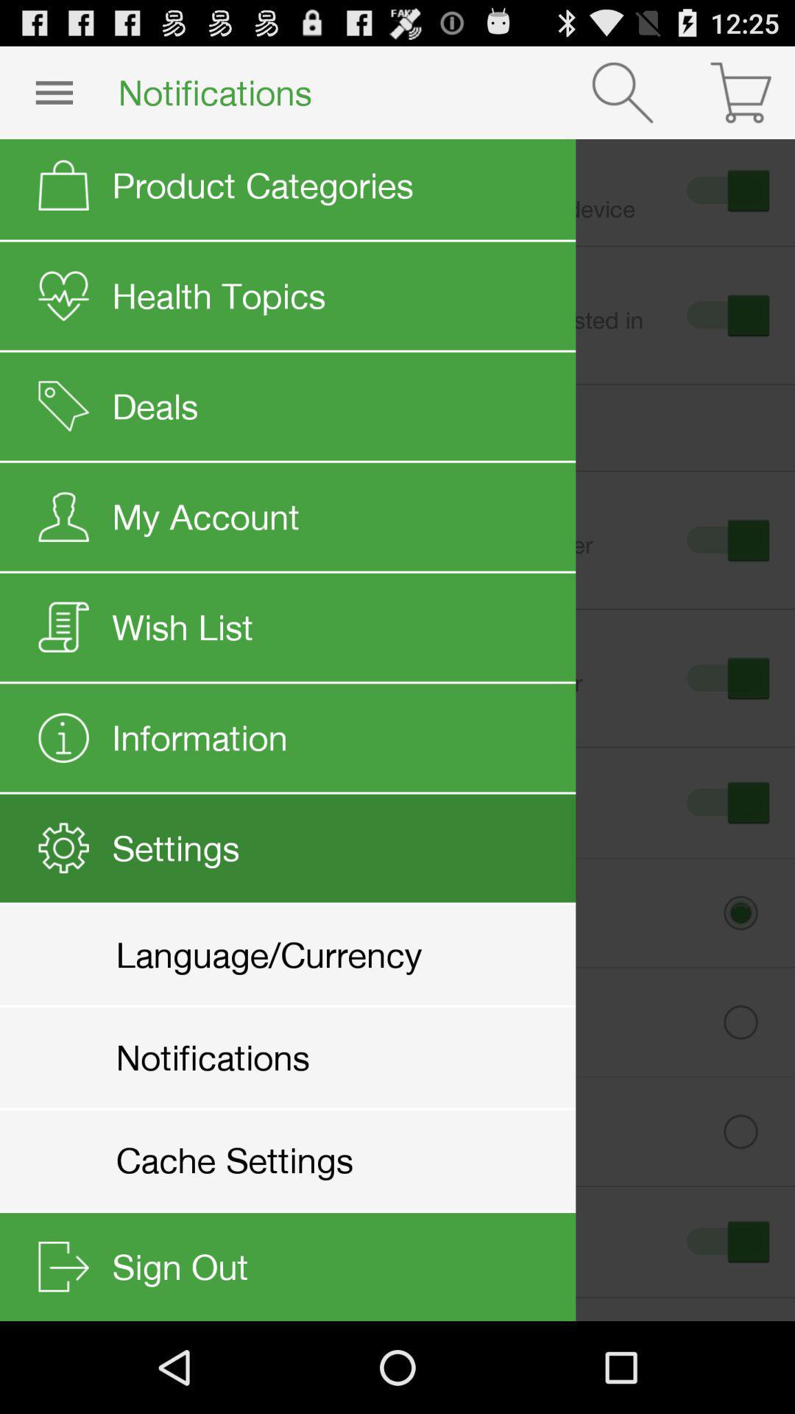 This screenshot has height=1414, width=795. Describe the element at coordinates (725, 314) in the screenshot. I see `the switch button below the 1st switch button on the web page` at that location.